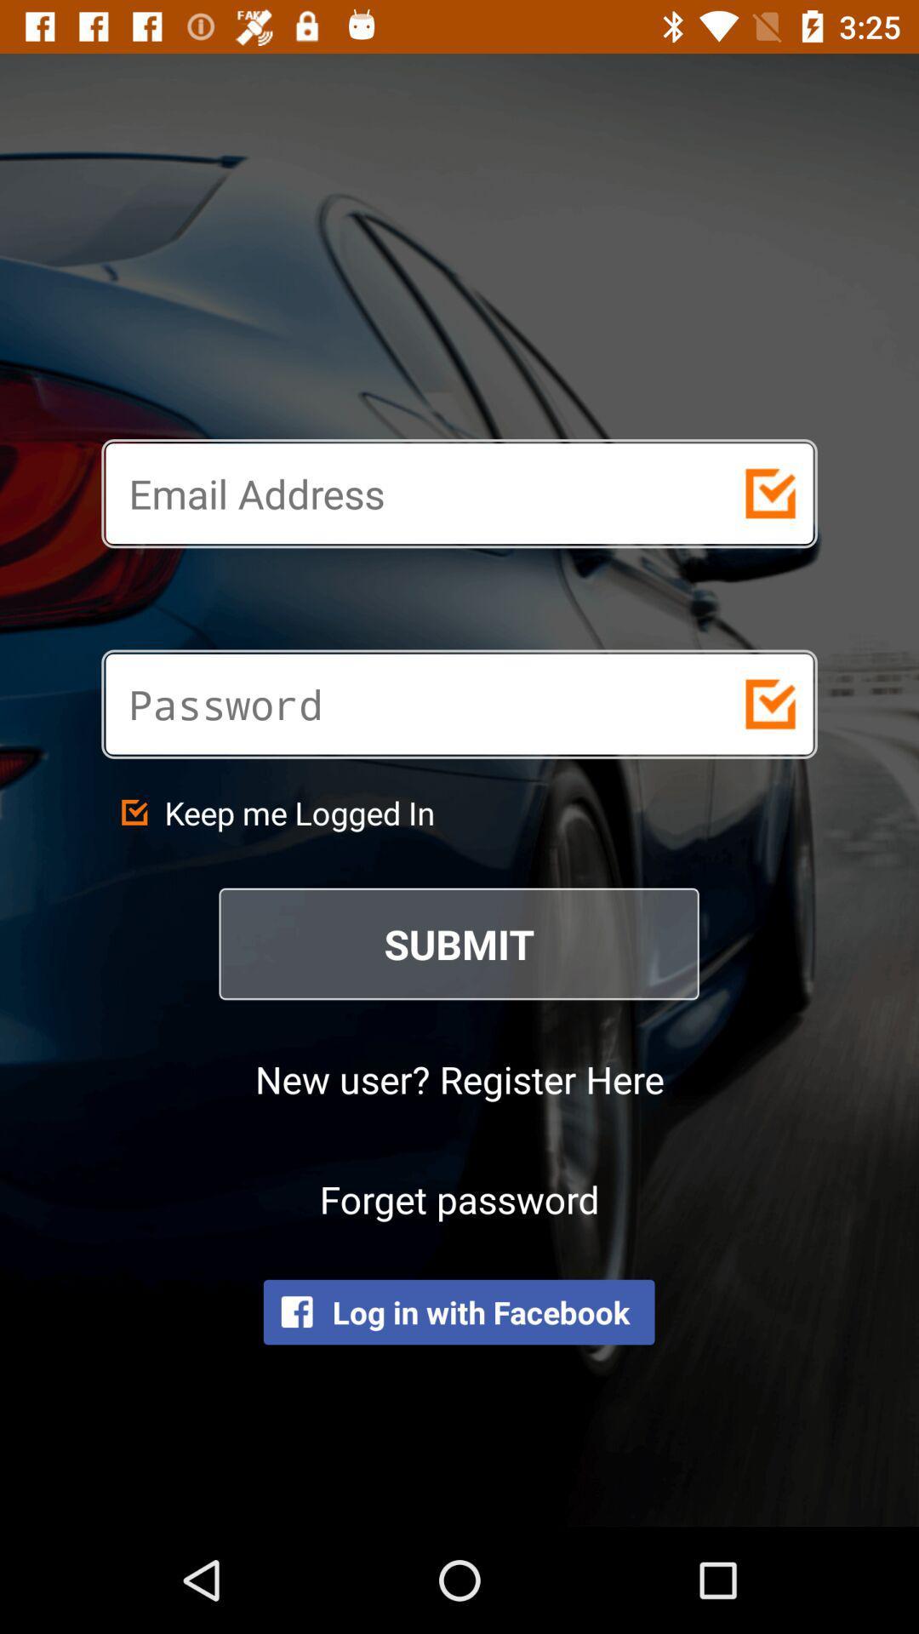 The height and width of the screenshot is (1634, 919). I want to click on the item above the forget password icon, so click(459, 1077).